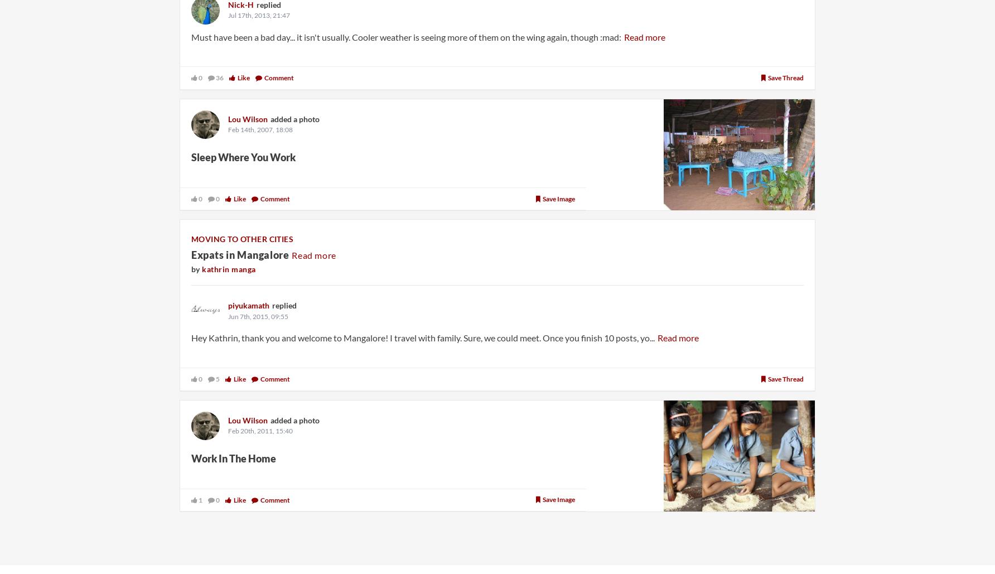  Describe the element at coordinates (406, 36) in the screenshot. I see `'Must have been a bad day... it isn't usually. Cooler weather is seeing more of them on the wing again, though :mad:'` at that location.